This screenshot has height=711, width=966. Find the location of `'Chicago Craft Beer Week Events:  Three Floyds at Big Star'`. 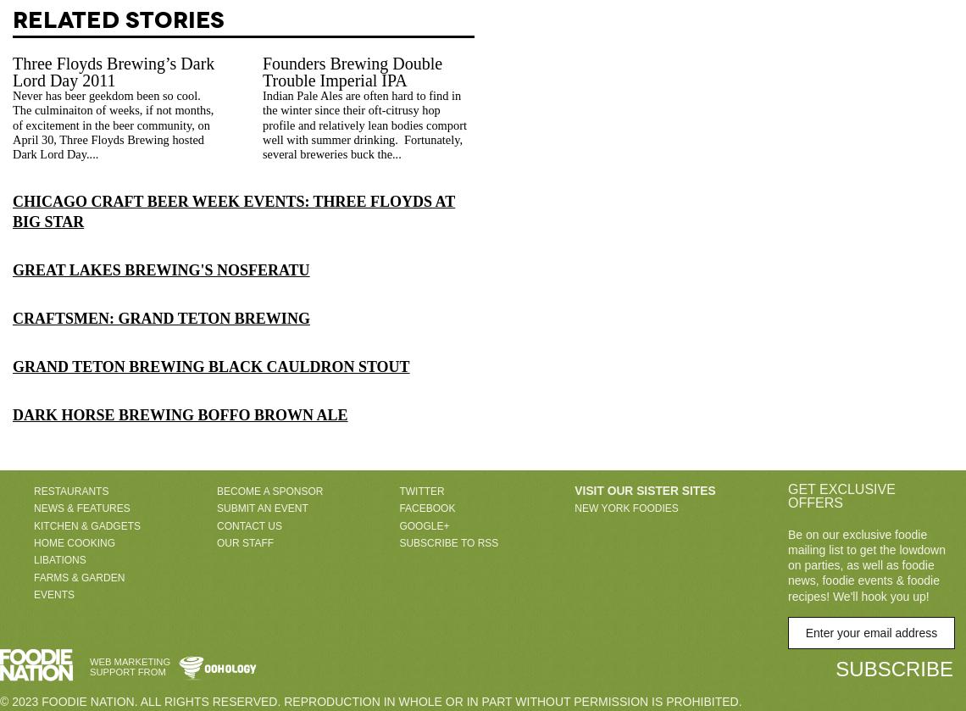

'Chicago Craft Beer Week Events:  Three Floyds at Big Star' is located at coordinates (232, 211).